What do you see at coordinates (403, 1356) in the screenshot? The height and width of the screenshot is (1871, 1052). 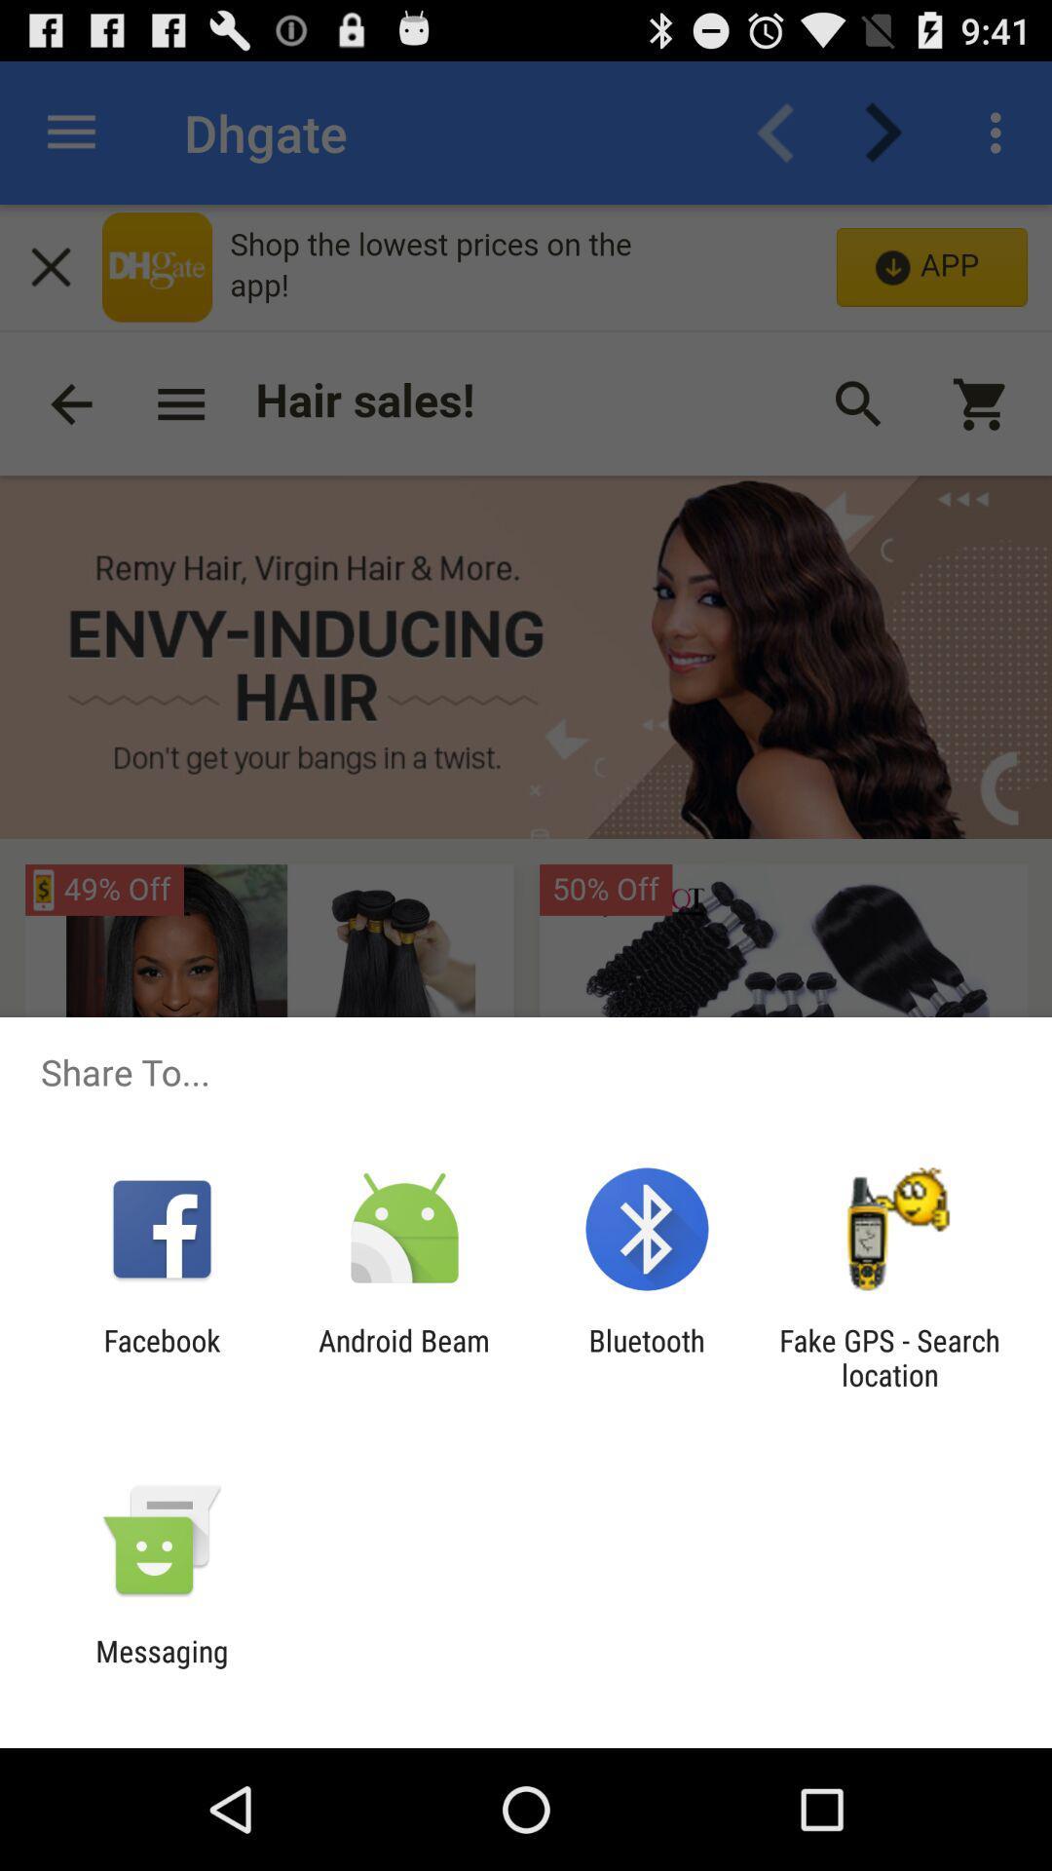 I see `android beam icon` at bounding box center [403, 1356].